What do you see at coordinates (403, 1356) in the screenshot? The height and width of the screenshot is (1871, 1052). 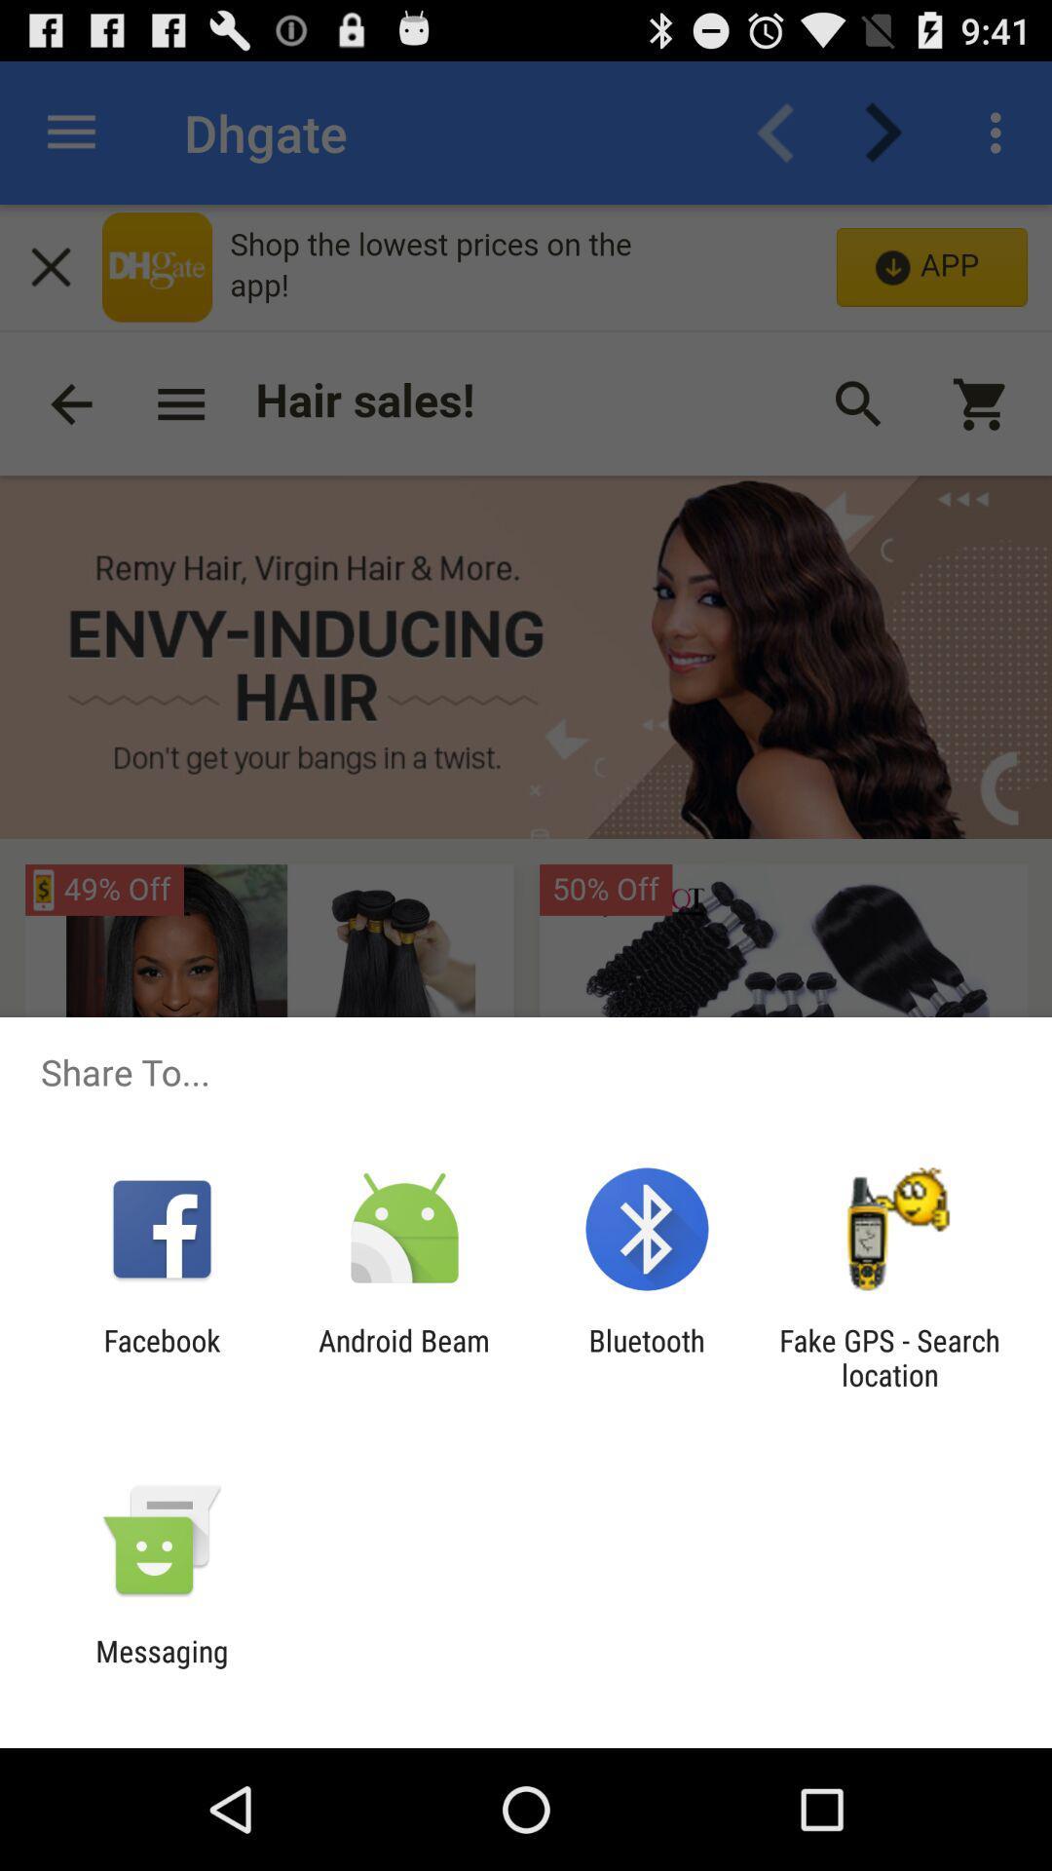 I see `android beam icon` at bounding box center [403, 1356].